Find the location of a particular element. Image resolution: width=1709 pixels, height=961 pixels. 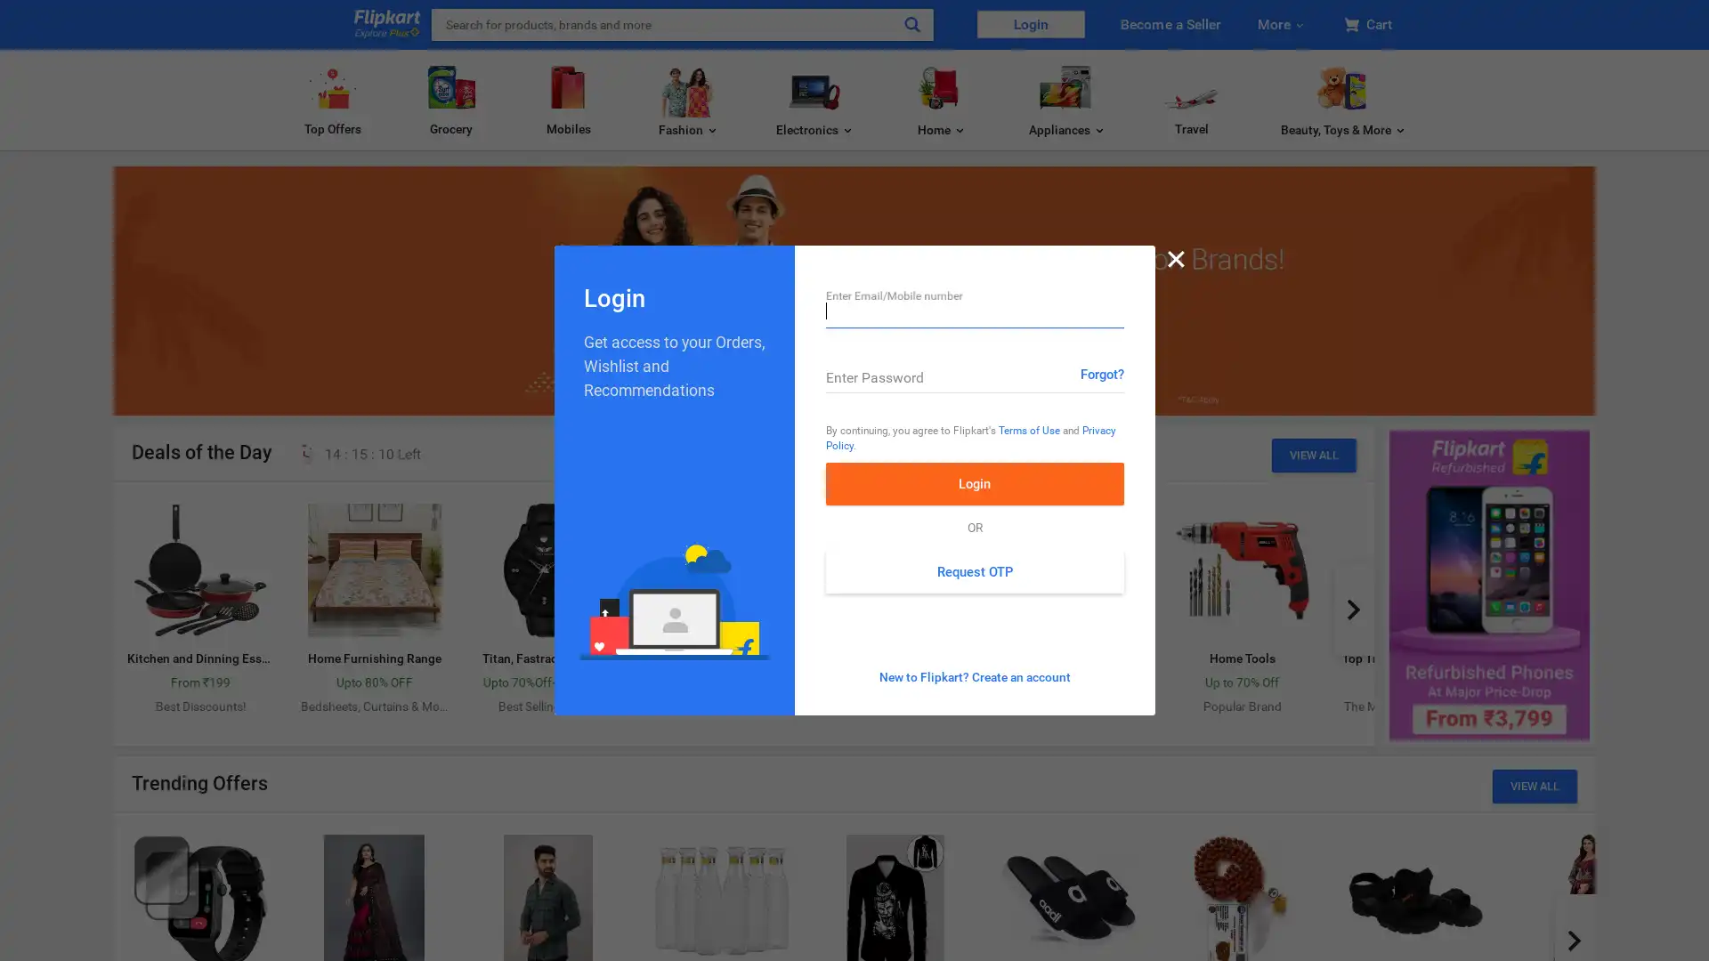

Request OTP is located at coordinates (973, 572).